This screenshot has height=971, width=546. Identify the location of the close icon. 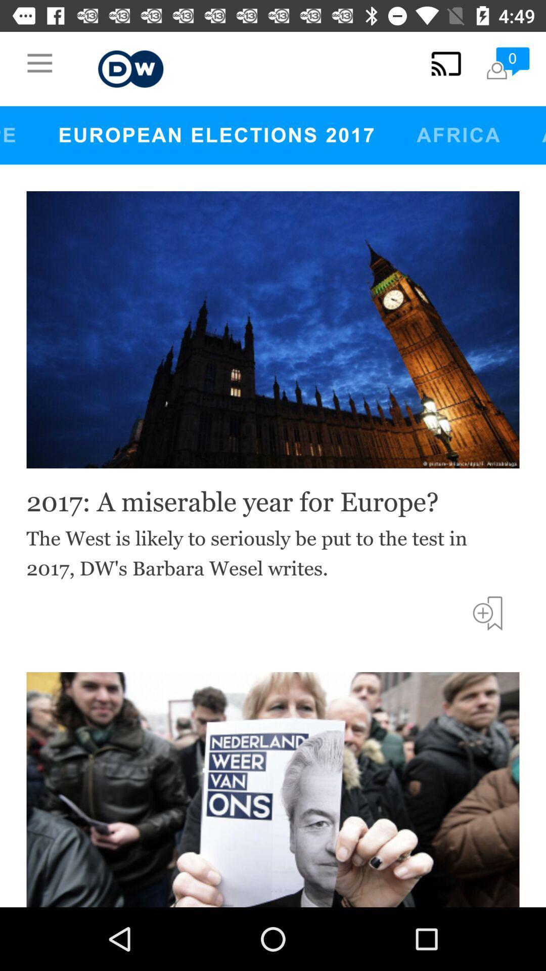
(497, 159).